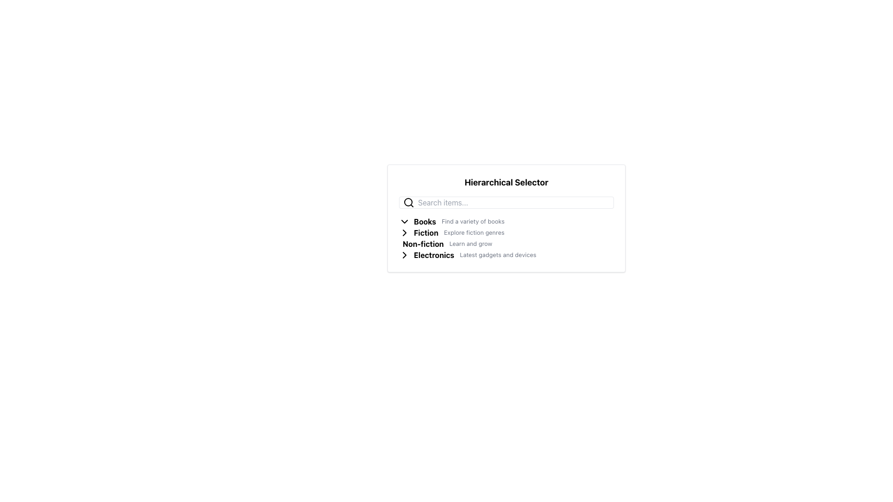 This screenshot has height=502, width=893. Describe the element at coordinates (433, 255) in the screenshot. I see `on the 'Electronics' category label in the hierarchical selector` at that location.